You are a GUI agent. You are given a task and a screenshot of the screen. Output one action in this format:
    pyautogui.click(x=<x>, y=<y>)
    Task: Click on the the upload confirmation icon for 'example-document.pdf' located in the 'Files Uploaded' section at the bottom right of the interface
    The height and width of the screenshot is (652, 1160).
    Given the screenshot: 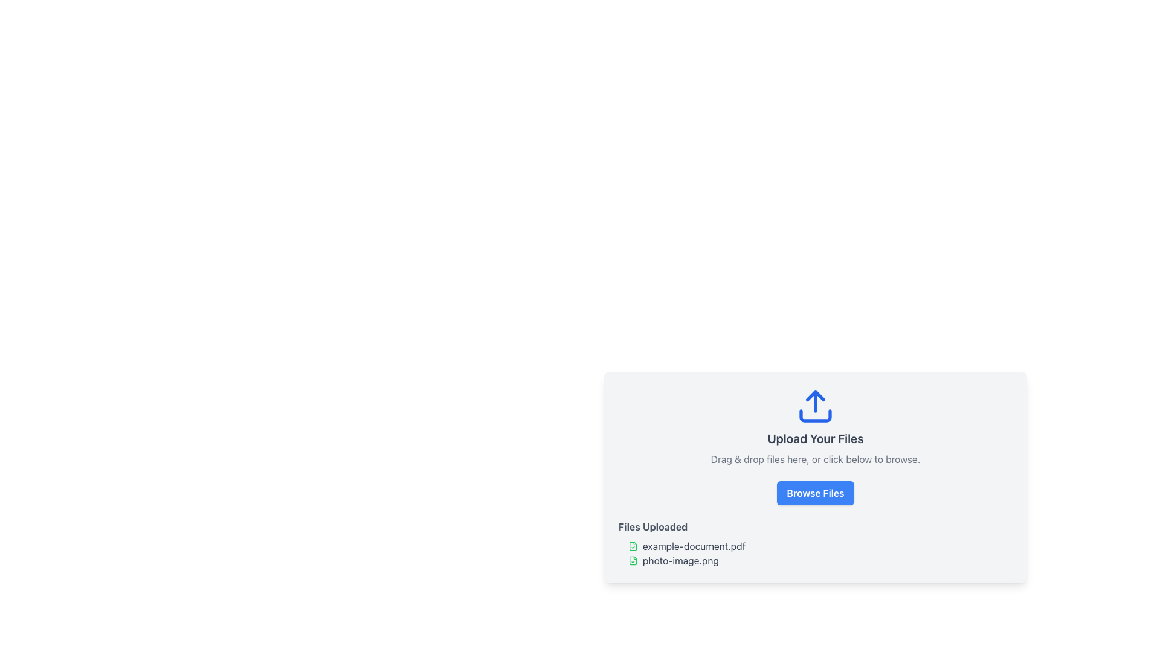 What is the action you would take?
    pyautogui.click(x=632, y=546)
    